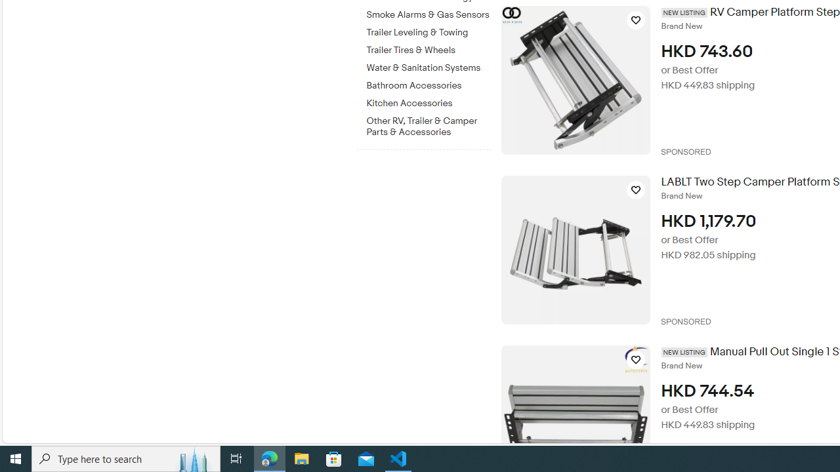  I want to click on 'Trailer Tires & Wheels', so click(429, 50).